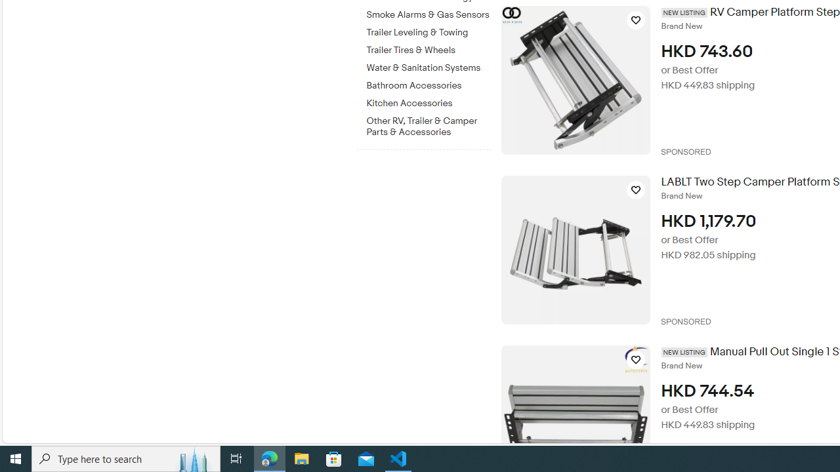  I want to click on 'Trailer Tires & Wheels', so click(429, 50).